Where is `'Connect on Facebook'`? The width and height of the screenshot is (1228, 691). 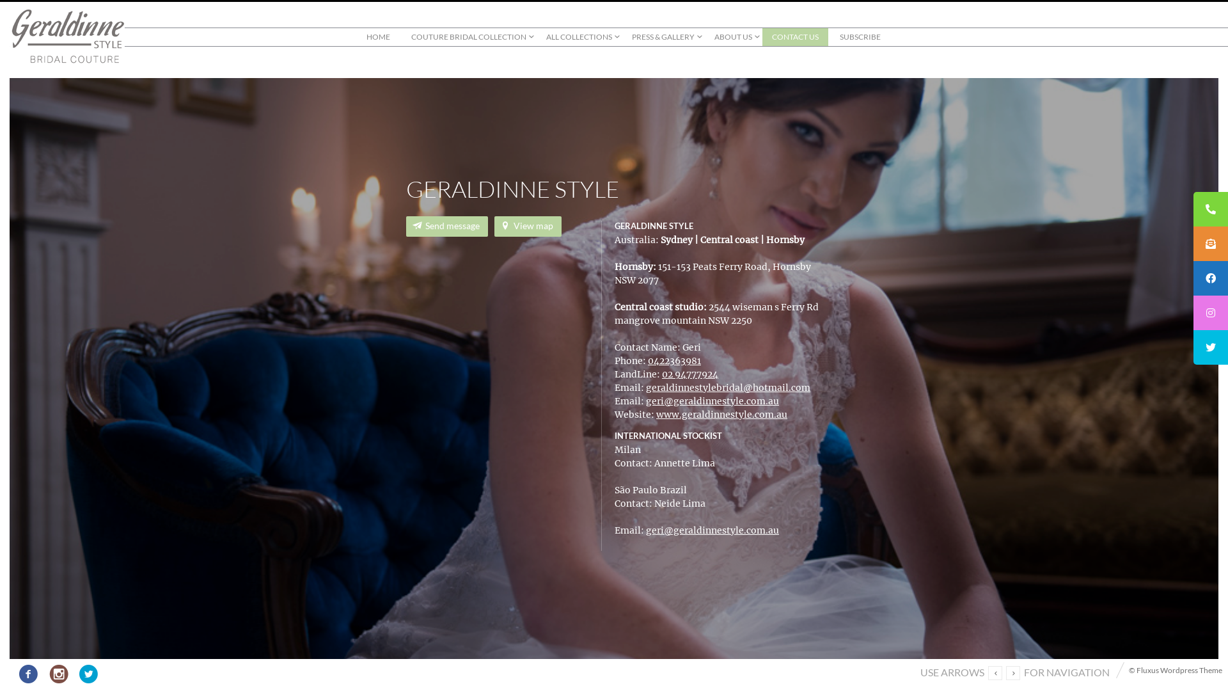 'Connect on Facebook' is located at coordinates (28, 671).